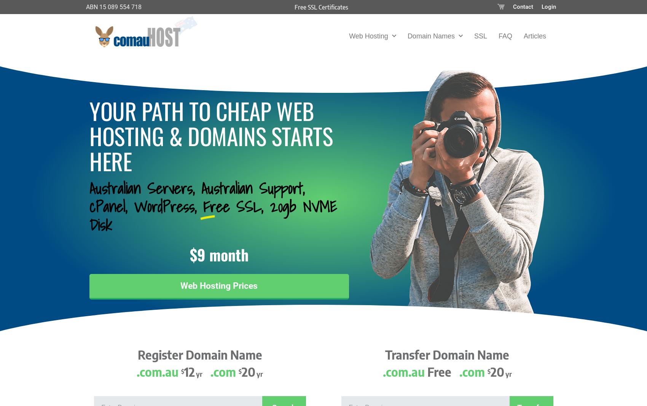 This screenshot has height=406, width=647. I want to click on 'SSL', so click(473, 35).